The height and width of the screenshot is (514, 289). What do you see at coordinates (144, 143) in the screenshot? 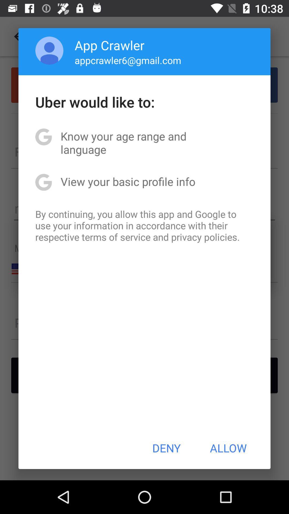
I see `the item below the uber would like item` at bounding box center [144, 143].